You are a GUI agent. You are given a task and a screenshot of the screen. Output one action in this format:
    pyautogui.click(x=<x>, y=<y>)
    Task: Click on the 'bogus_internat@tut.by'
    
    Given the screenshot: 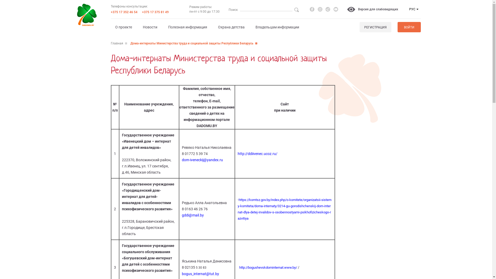 What is the action you would take?
    pyautogui.click(x=200, y=274)
    